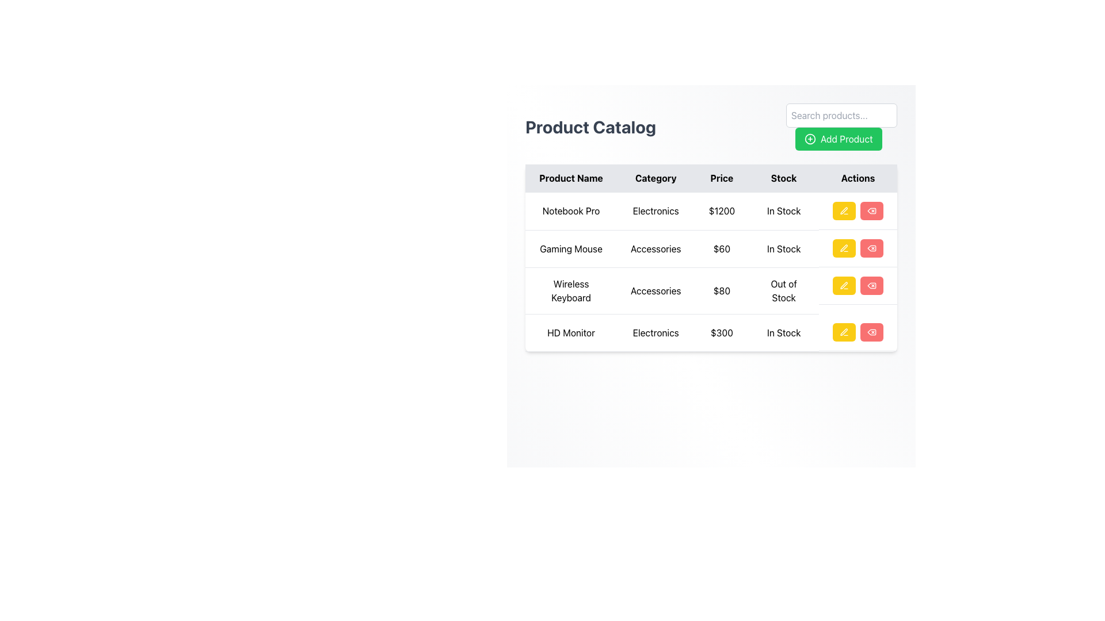  Describe the element at coordinates (858, 178) in the screenshot. I see `the Table Header Cell for the 'Actions' column, which is the fifth column in the header row of the table, located between the 'Stock' column and the right margin` at that location.